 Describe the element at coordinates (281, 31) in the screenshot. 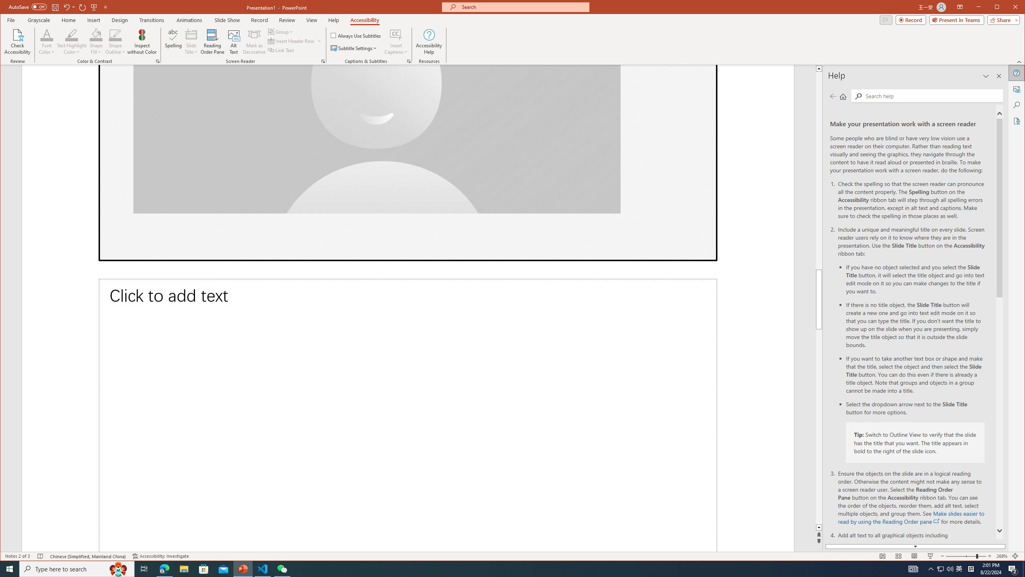

I see `'Group'` at that location.